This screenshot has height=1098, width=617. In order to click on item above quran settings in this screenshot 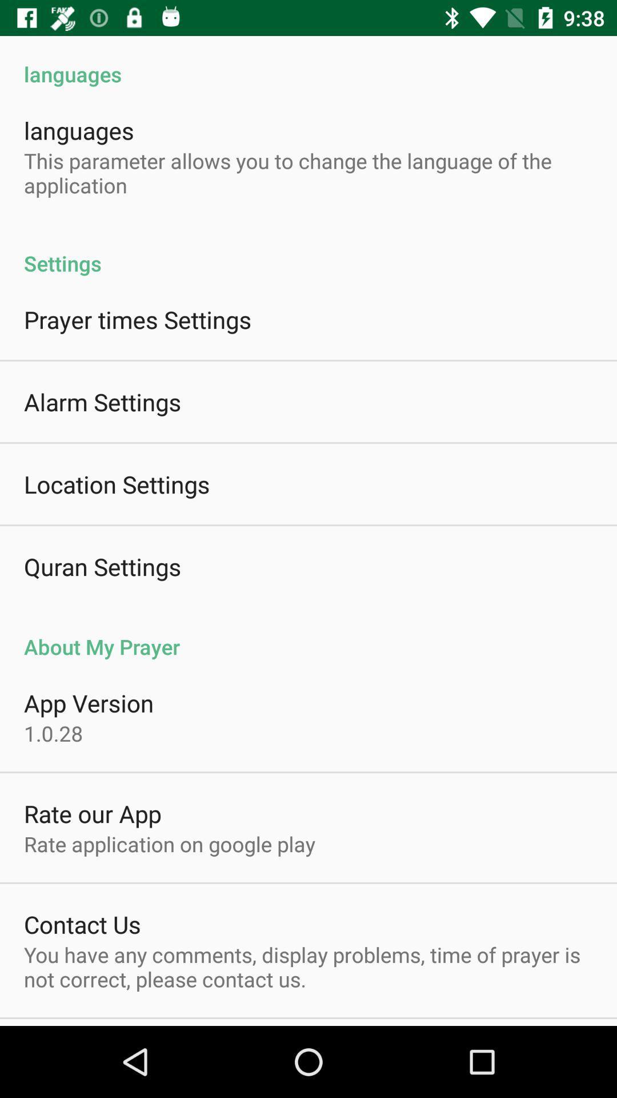, I will do `click(117, 484)`.